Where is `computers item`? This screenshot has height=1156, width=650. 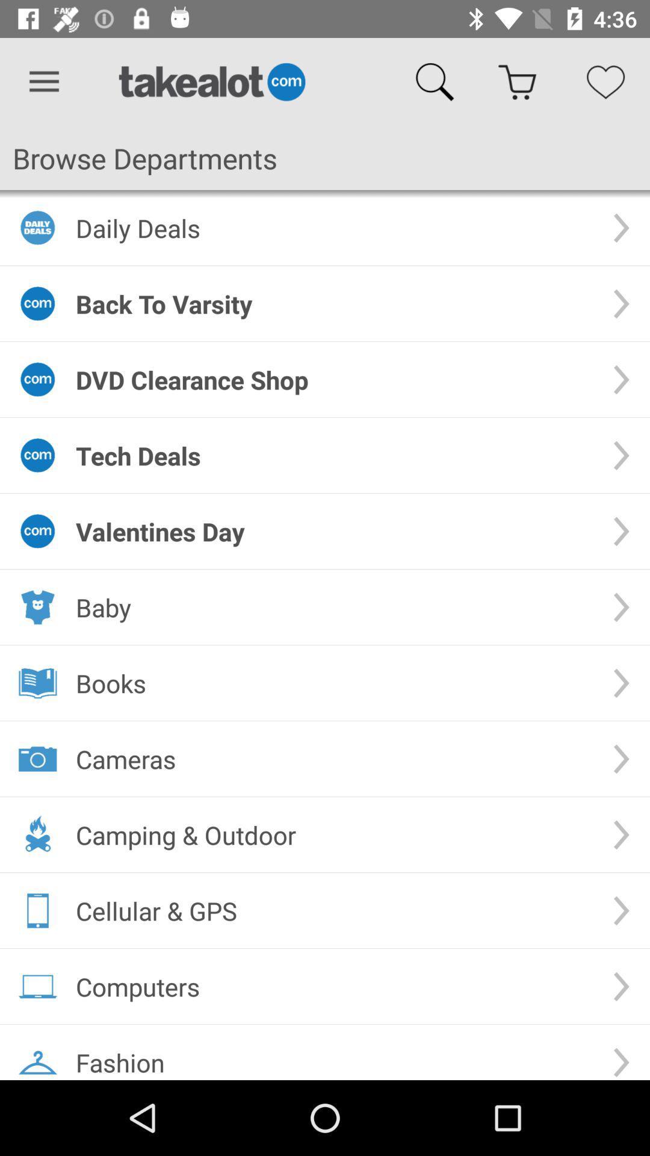
computers item is located at coordinates (334, 986).